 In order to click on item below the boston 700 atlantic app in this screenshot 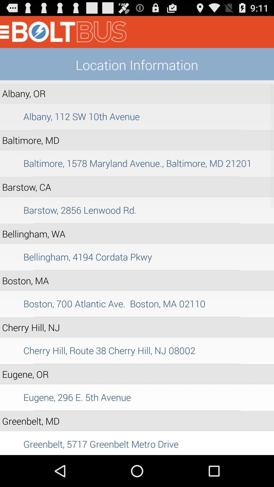, I will do `click(137, 317)`.